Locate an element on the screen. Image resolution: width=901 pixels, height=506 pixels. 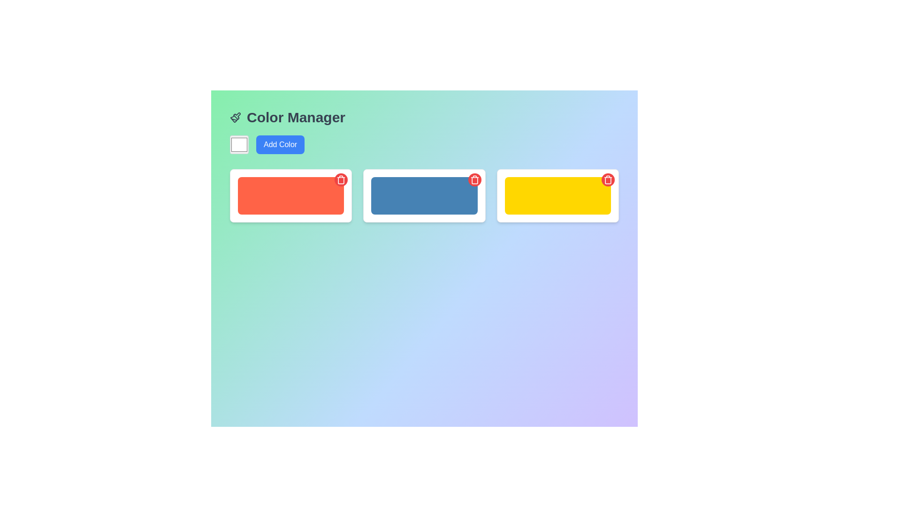
the deletion button located in the top-right corner of the last yellow card is located at coordinates (608, 180).